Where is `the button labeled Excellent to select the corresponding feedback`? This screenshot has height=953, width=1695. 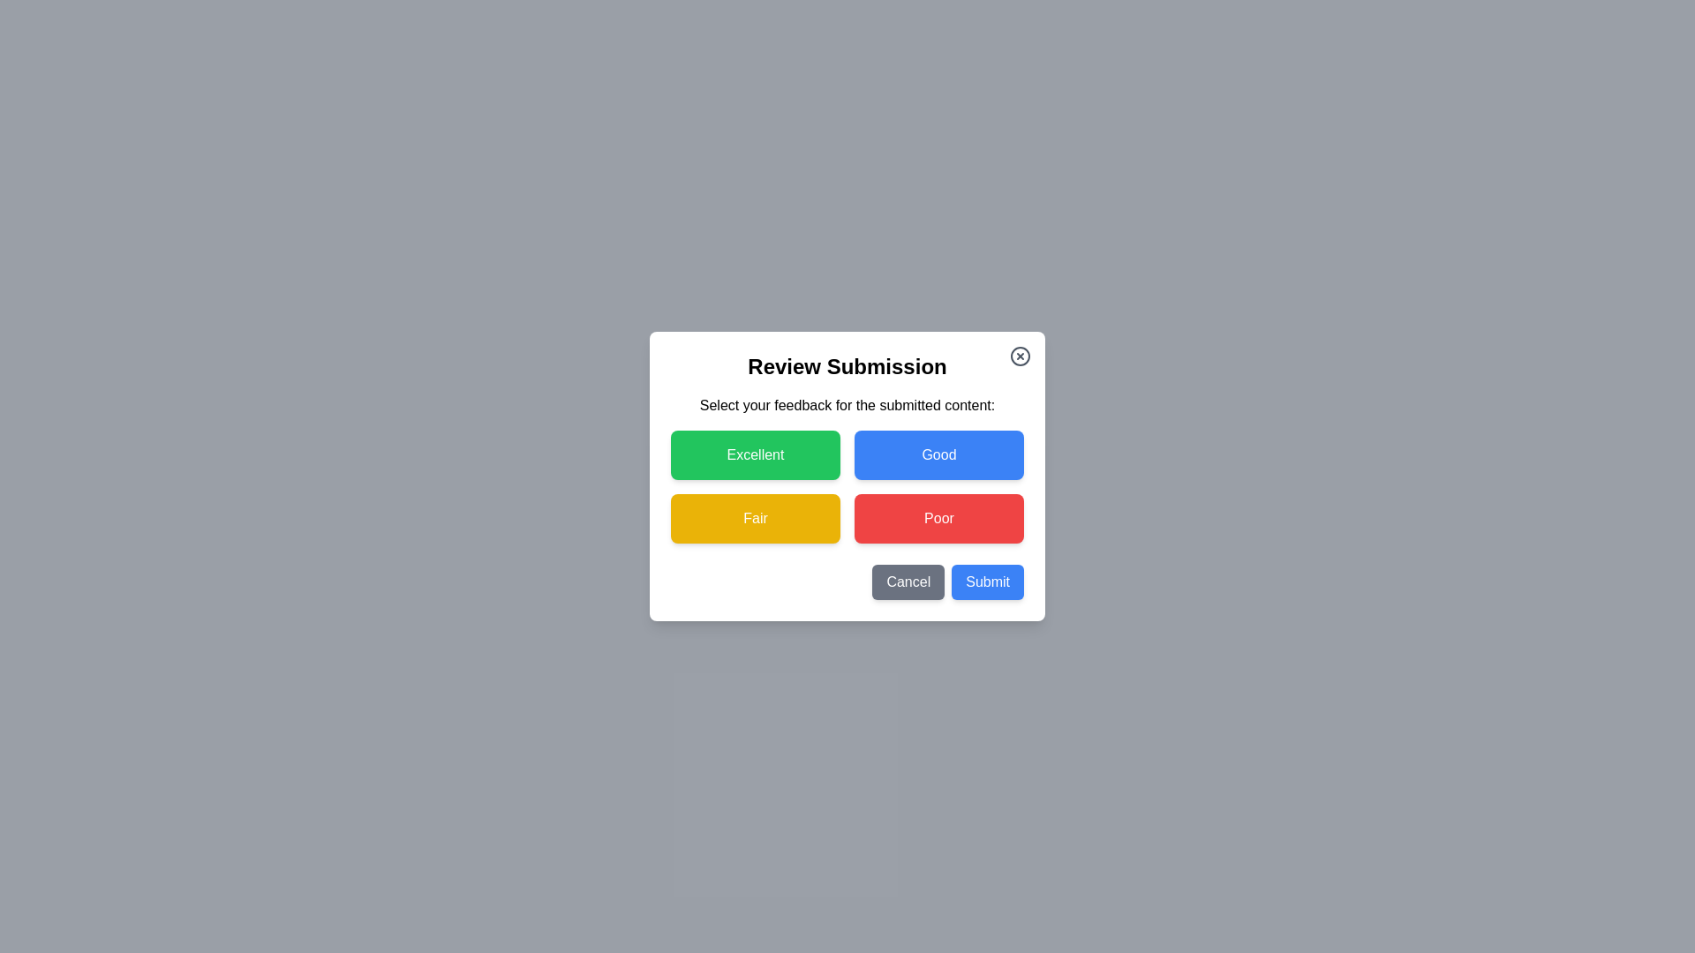 the button labeled Excellent to select the corresponding feedback is located at coordinates (755, 454).